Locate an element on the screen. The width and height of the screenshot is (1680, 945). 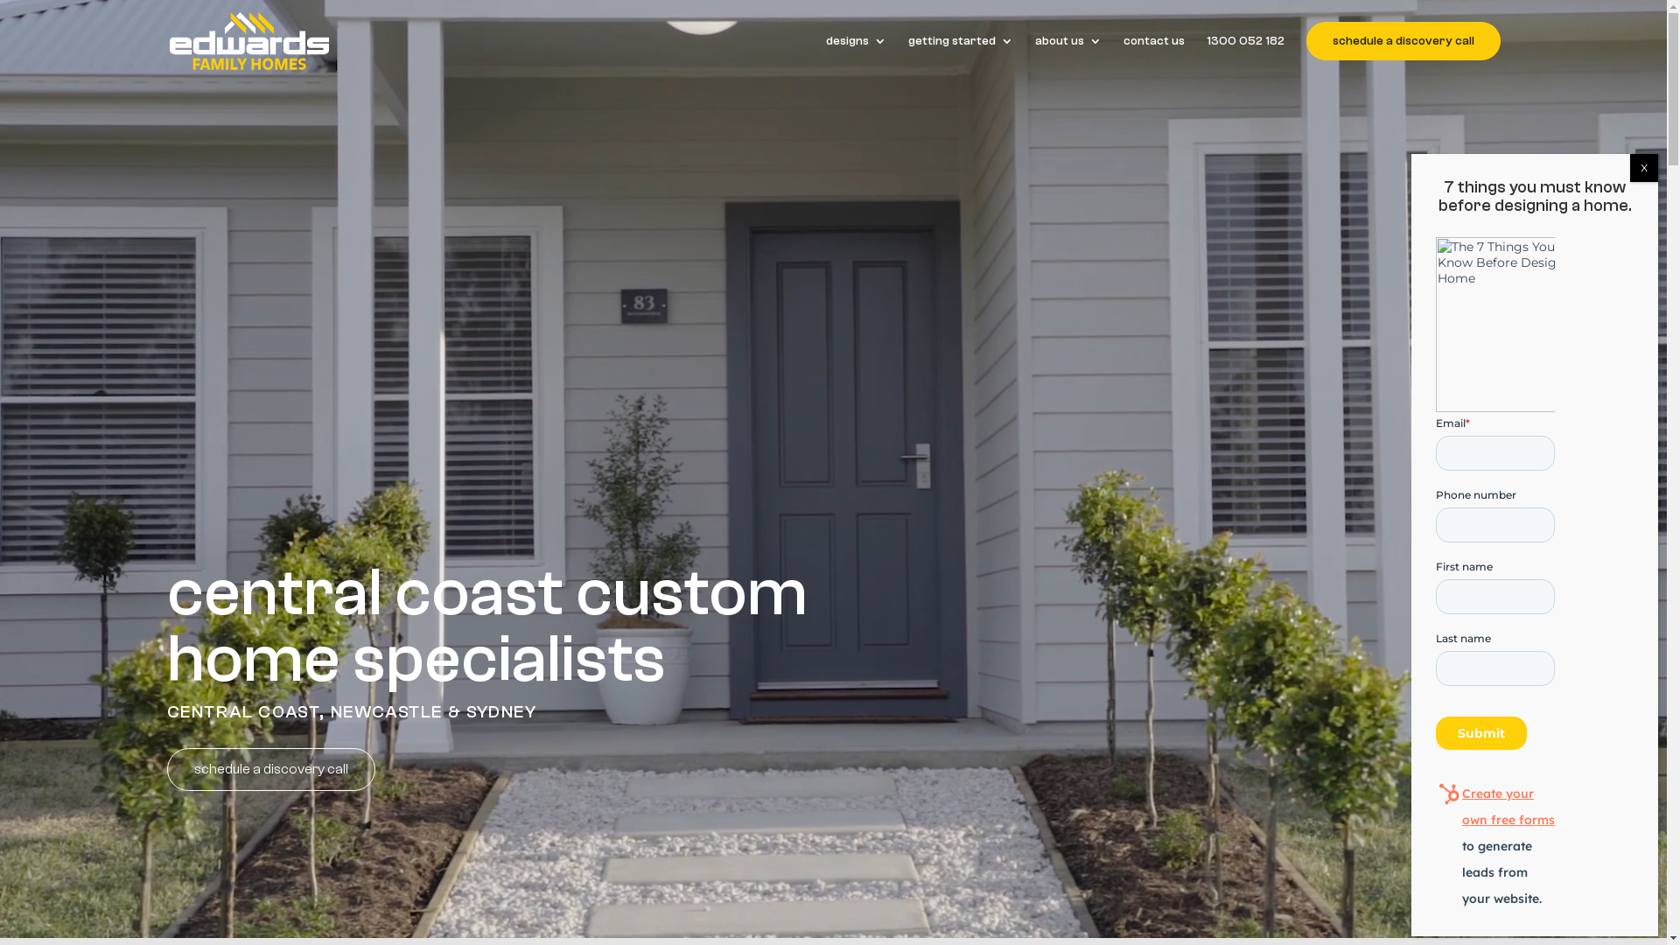
'schedule a discovery call' is located at coordinates (1305, 39).